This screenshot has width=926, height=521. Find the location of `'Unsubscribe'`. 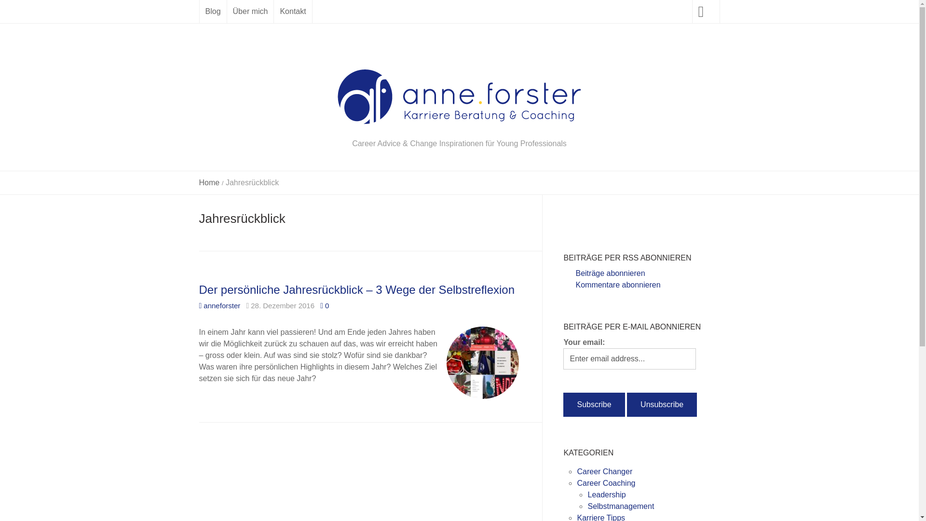

'Unsubscribe' is located at coordinates (661, 405).